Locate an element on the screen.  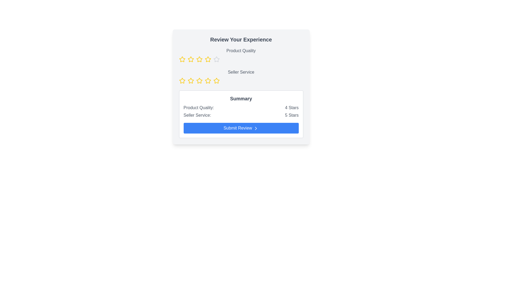
the text label displaying 'Product Quality:' in gray font, located in the top-left corner of the 'Summary' section is located at coordinates (198, 108).